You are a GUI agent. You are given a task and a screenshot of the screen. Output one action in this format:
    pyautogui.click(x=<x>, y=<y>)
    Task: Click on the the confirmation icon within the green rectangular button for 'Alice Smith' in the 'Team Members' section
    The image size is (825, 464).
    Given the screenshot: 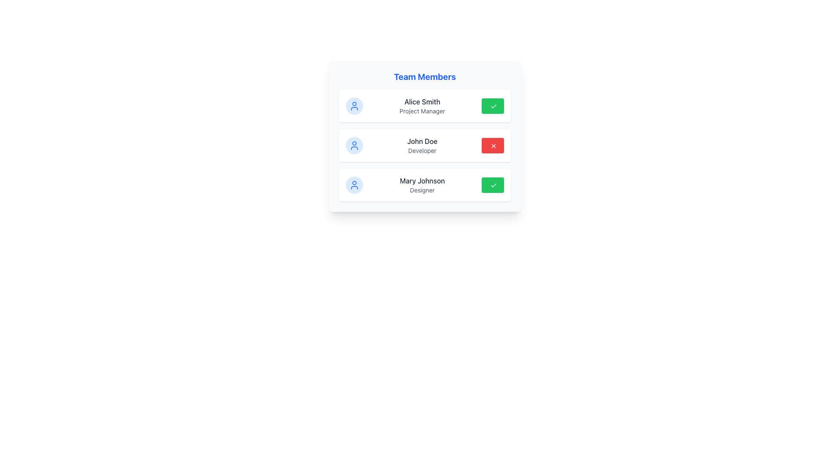 What is the action you would take?
    pyautogui.click(x=493, y=106)
    